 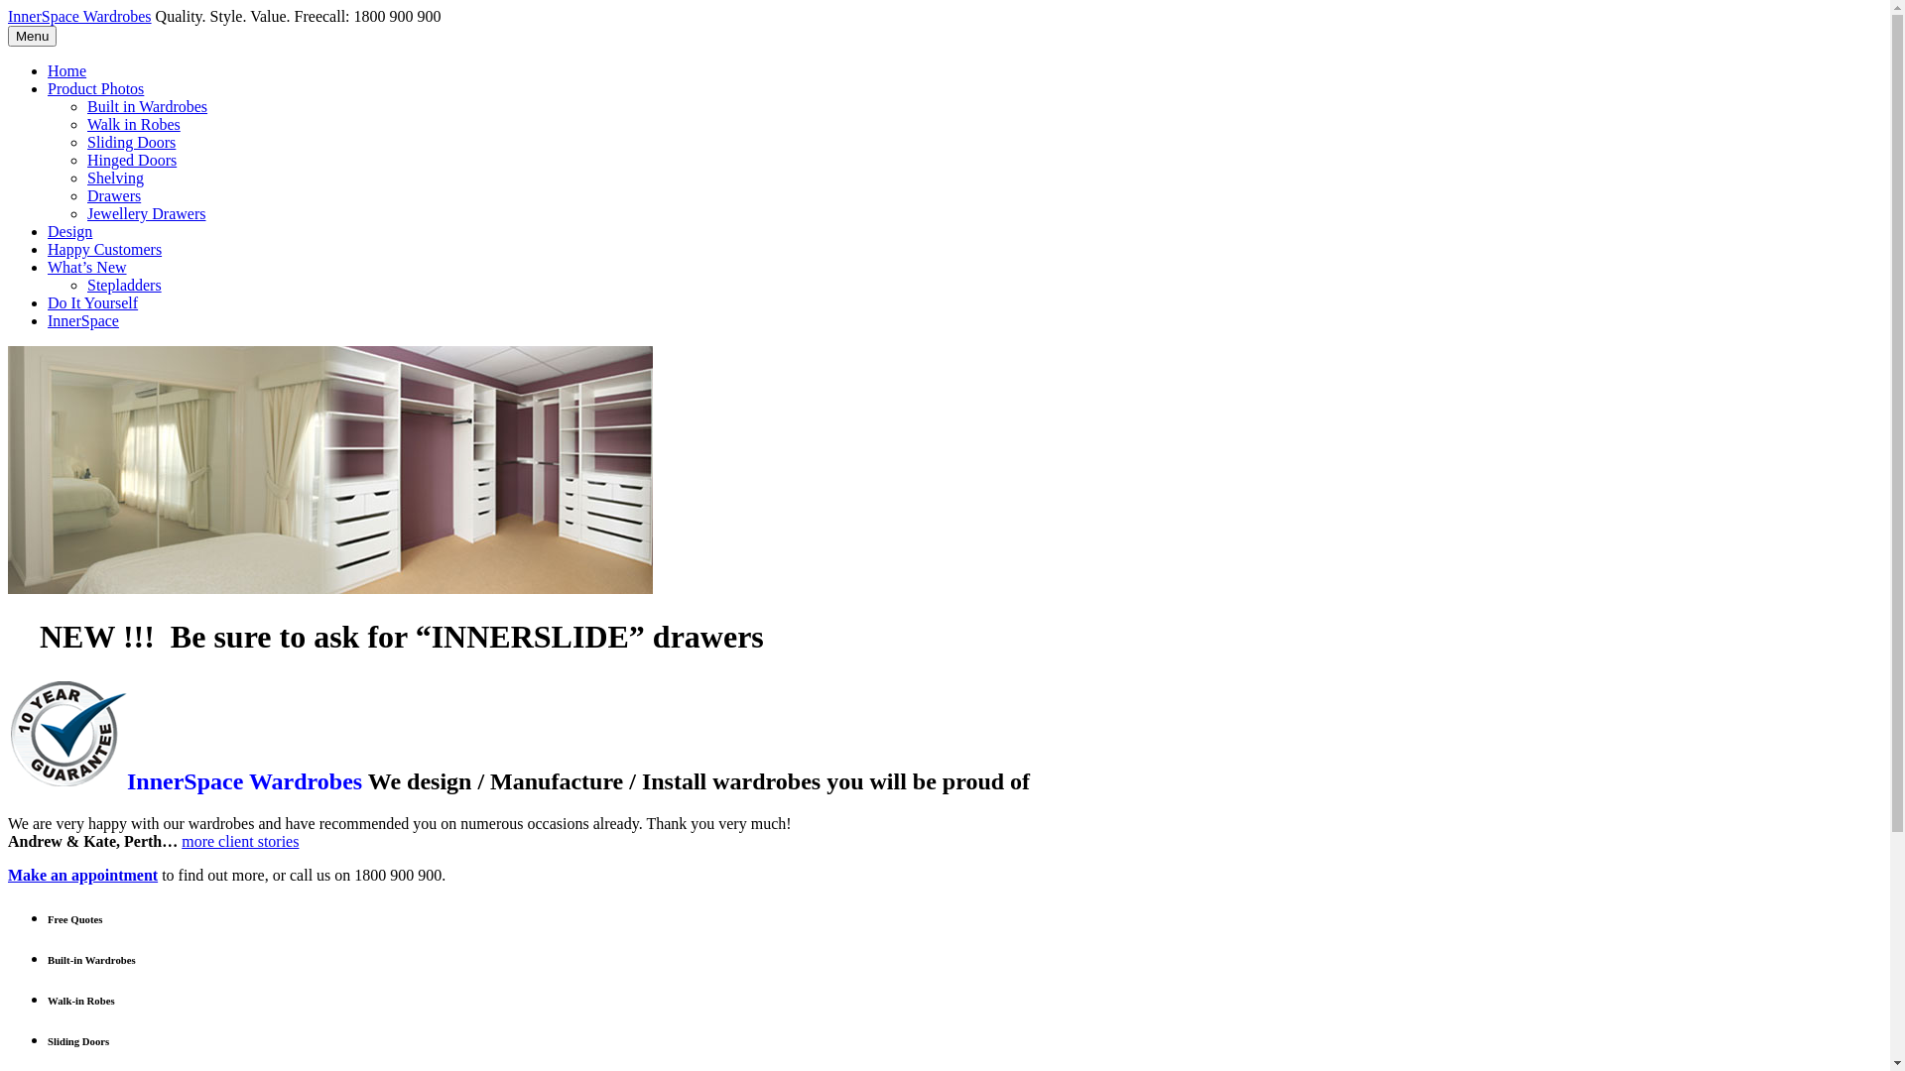 I want to click on 'Shelving', so click(x=114, y=177).